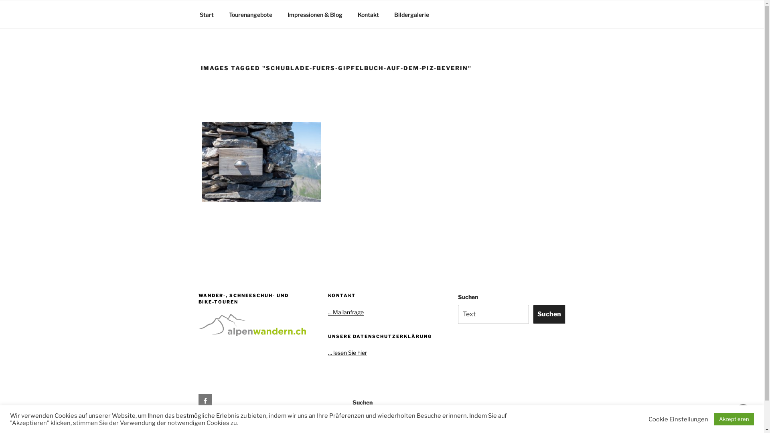 Image resolution: width=770 pixels, height=433 pixels. Describe the element at coordinates (198, 401) in the screenshot. I see `'Facebook'` at that location.